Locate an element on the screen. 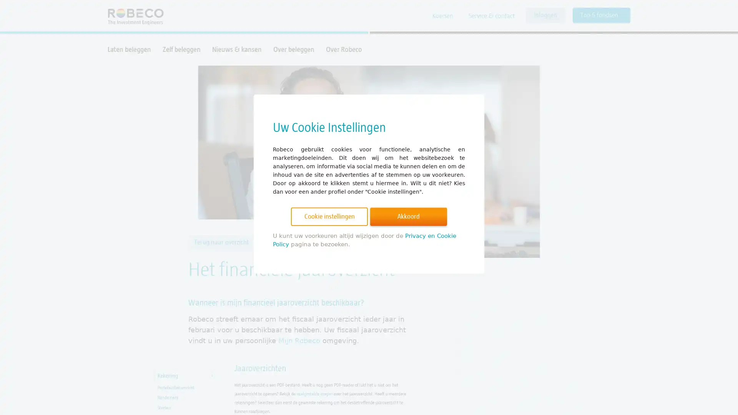 The width and height of the screenshot is (738, 415). Inloggen is located at coordinates (545, 15).